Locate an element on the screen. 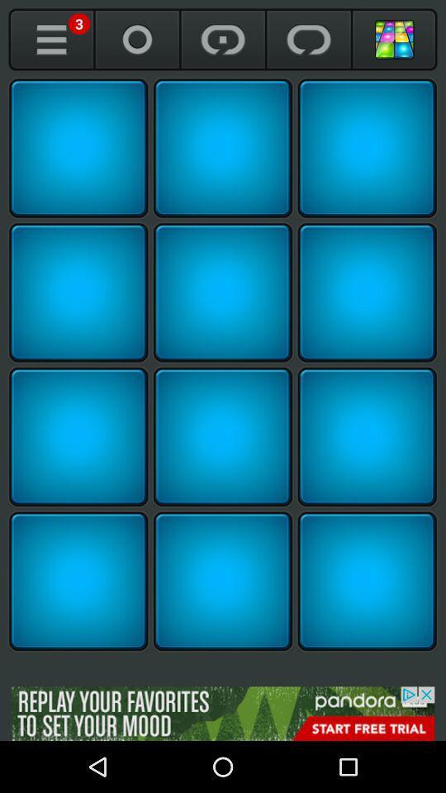 The image size is (446, 793). field is located at coordinates (78, 147).